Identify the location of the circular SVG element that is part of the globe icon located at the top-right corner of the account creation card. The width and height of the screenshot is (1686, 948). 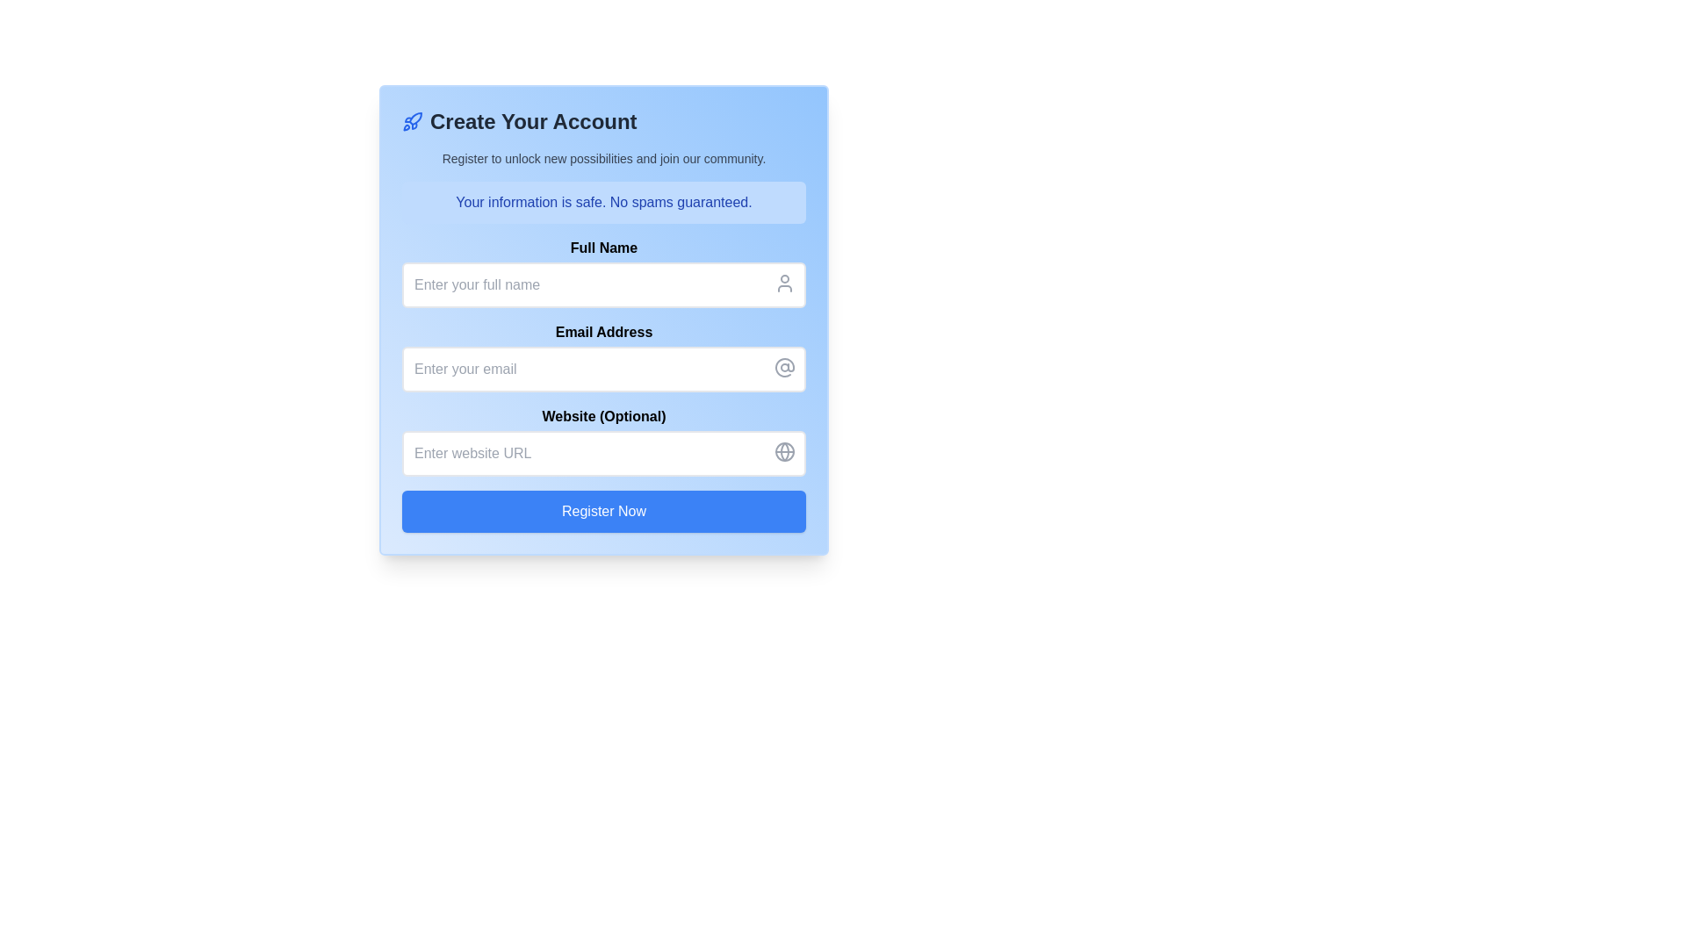
(783, 451).